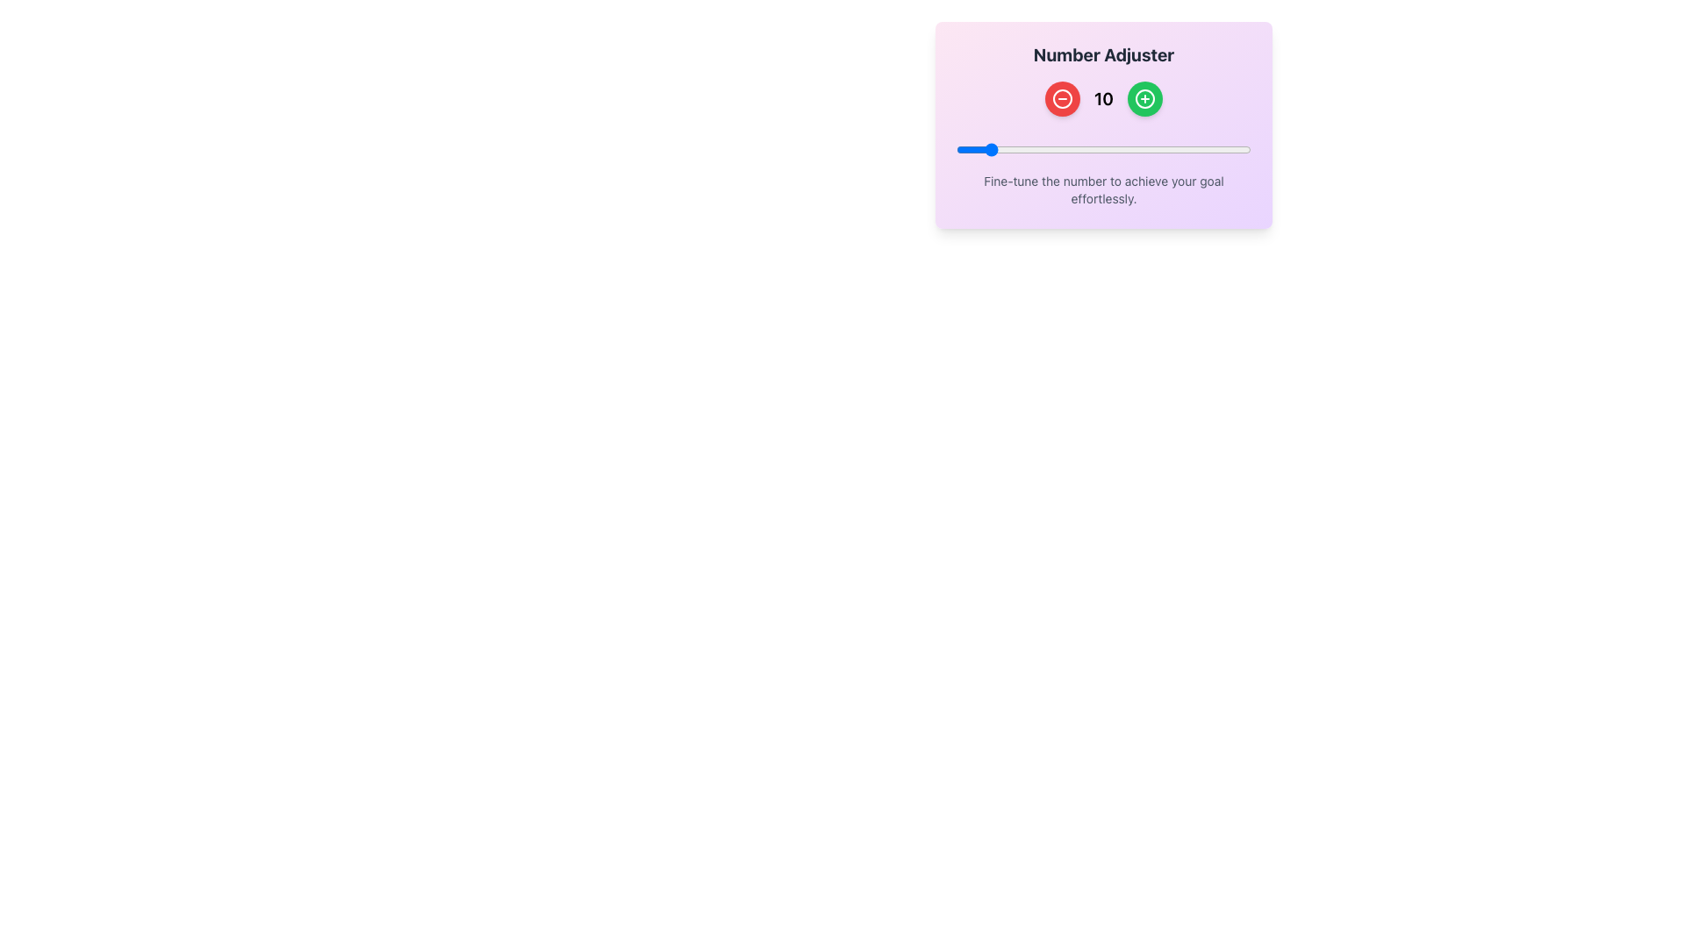  What do you see at coordinates (1082, 148) in the screenshot?
I see `the slider` at bounding box center [1082, 148].